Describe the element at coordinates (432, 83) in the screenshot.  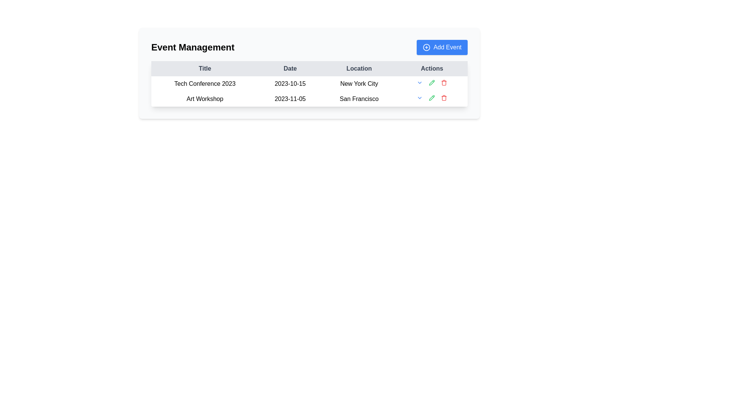
I see `the edit action icon button located in the 'Actions' column of the second row in the table` at that location.